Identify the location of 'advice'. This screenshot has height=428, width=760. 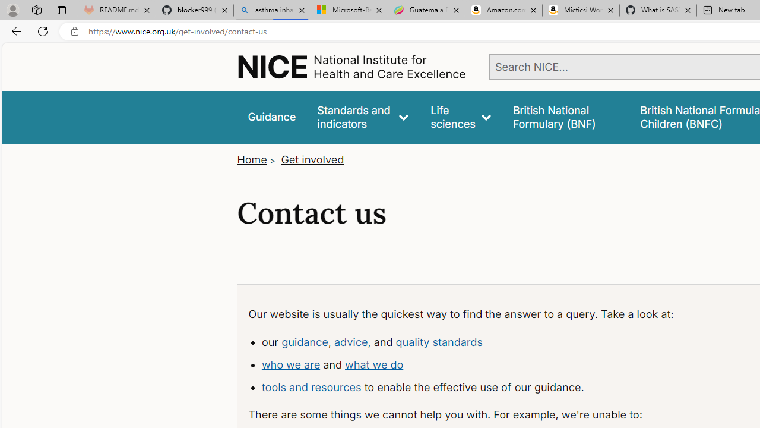
(350, 341).